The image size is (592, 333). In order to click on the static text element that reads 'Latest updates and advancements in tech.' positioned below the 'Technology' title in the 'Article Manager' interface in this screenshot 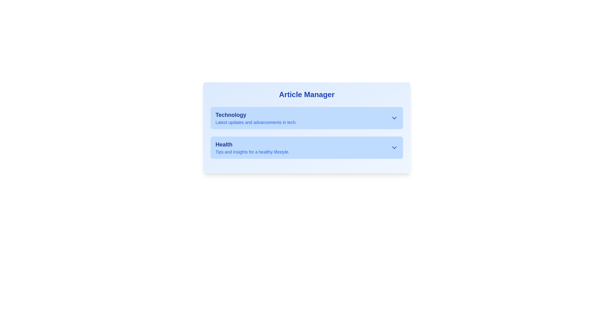, I will do `click(256, 122)`.